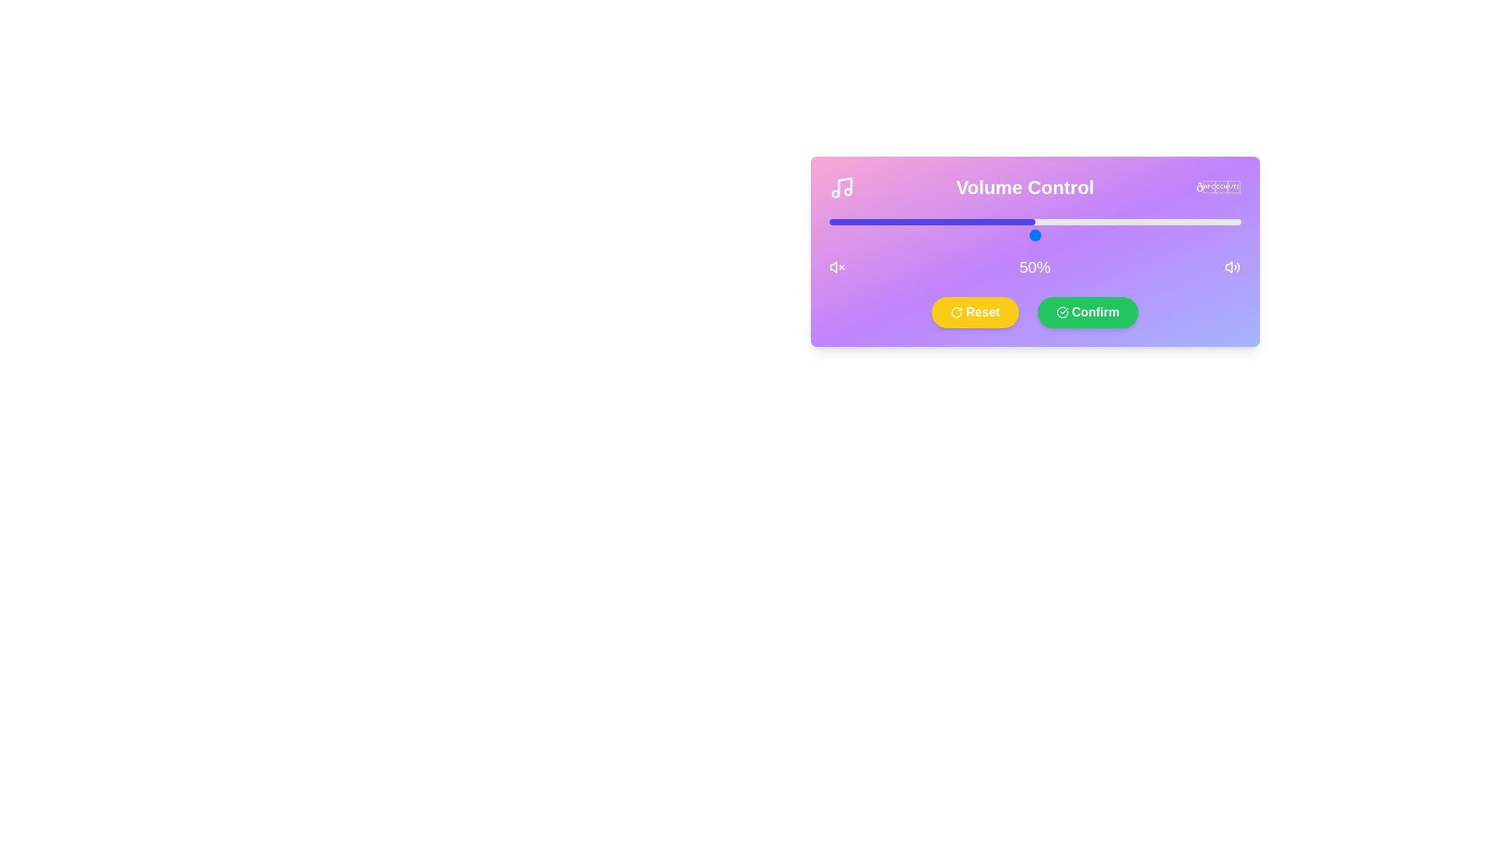  What do you see at coordinates (844, 186) in the screenshot?
I see `the central vertical line of the music note icon located at the top-left corner of the interface, which serves as an indicator for sound or music-related functionality` at bounding box center [844, 186].